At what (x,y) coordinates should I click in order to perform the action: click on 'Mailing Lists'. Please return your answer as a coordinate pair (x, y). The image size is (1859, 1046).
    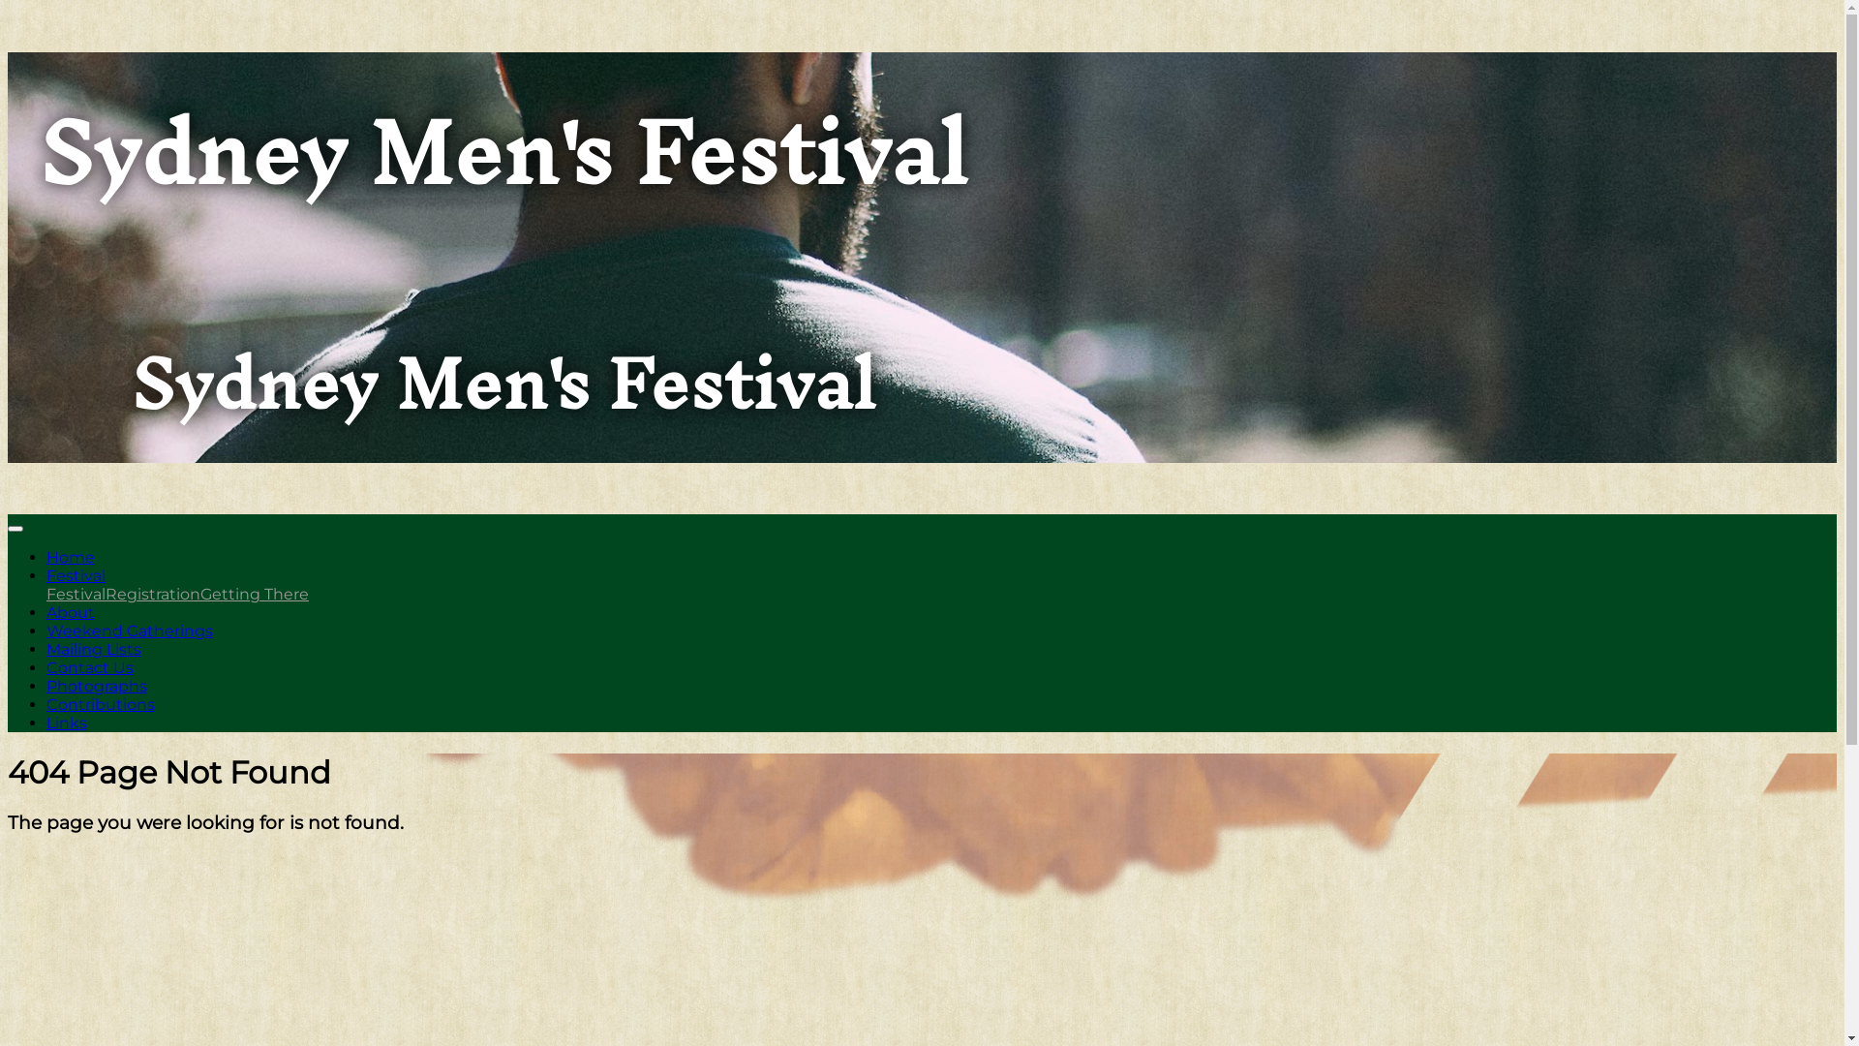
    Looking at the image, I should click on (92, 649).